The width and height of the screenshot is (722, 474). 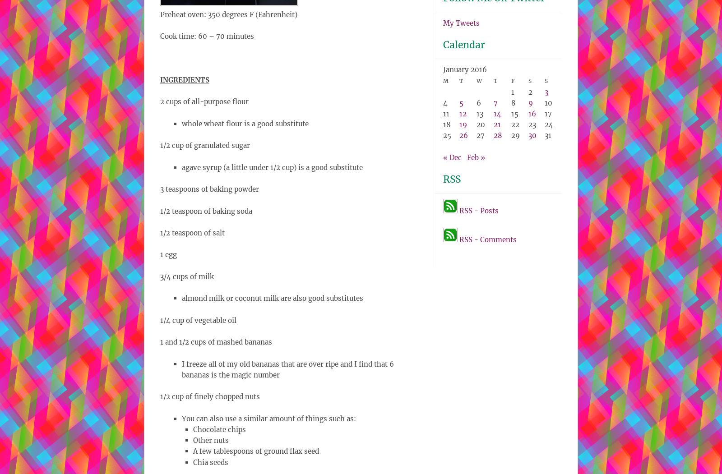 I want to click on '12', so click(x=459, y=113).